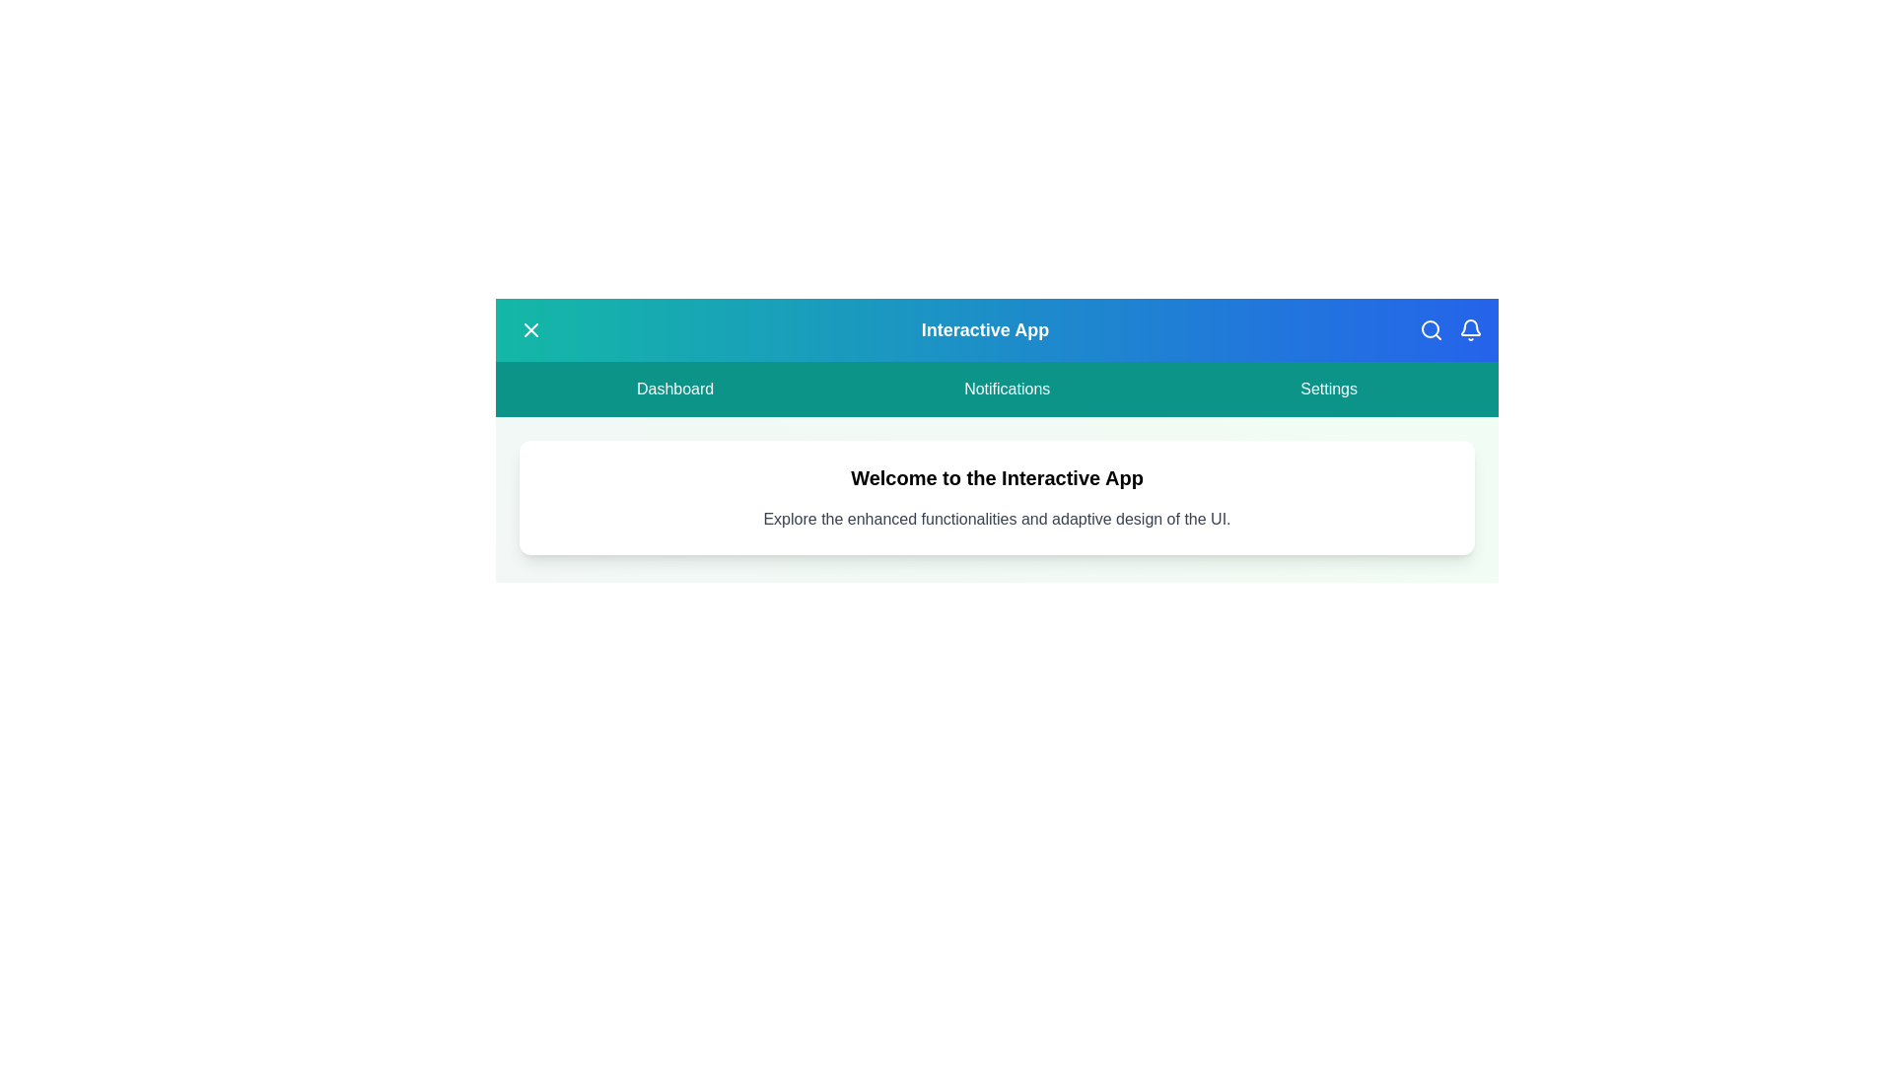  Describe the element at coordinates (1471, 329) in the screenshot. I see `the bell icon to interact with it` at that location.